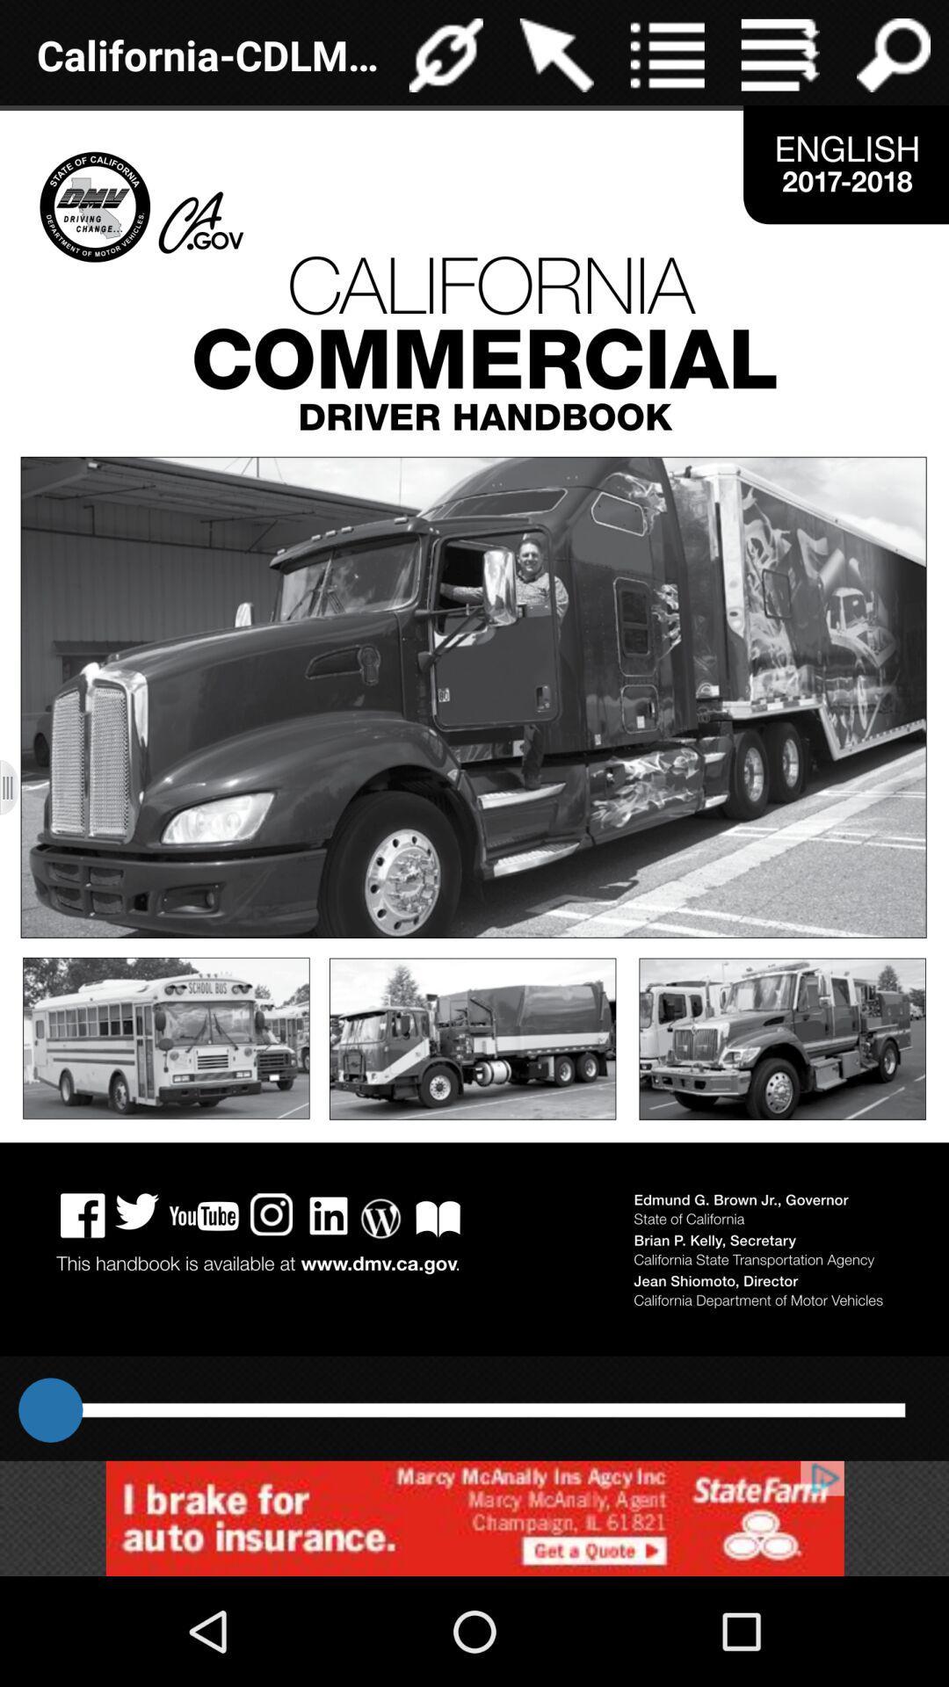 This screenshot has height=1687, width=949. What do you see at coordinates (667, 59) in the screenshot?
I see `the list icon` at bounding box center [667, 59].